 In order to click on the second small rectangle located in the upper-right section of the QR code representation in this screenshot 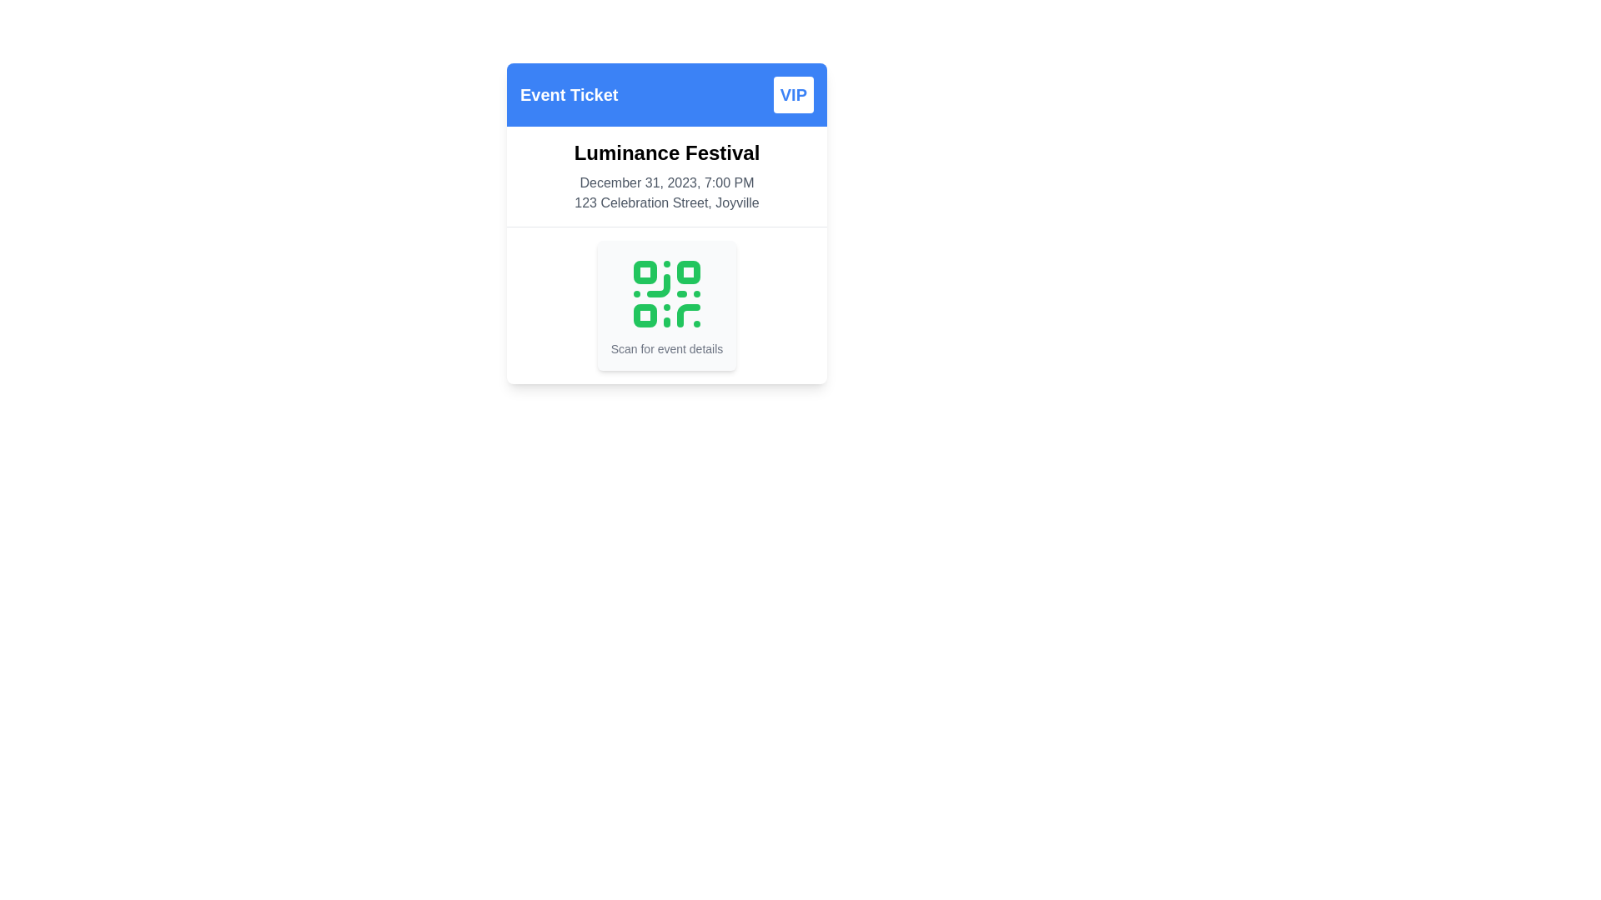, I will do `click(688, 272)`.